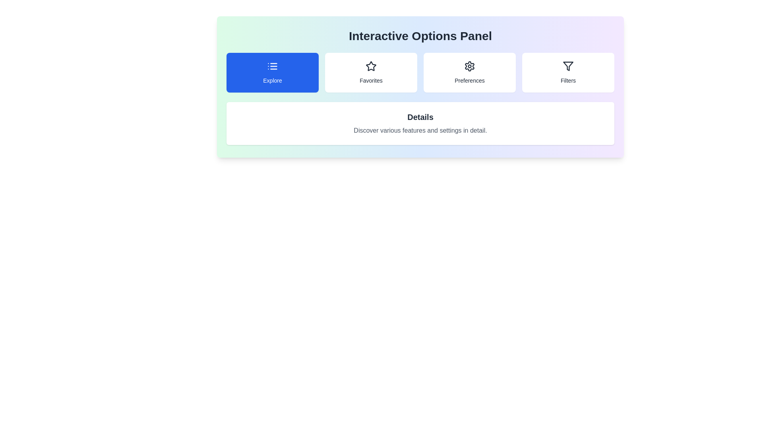  I want to click on the 'Preferences' icon located in the third option card of the 'Interactive Options Panel', which serves as a visual indicator for settings or configuration, so click(469, 66).